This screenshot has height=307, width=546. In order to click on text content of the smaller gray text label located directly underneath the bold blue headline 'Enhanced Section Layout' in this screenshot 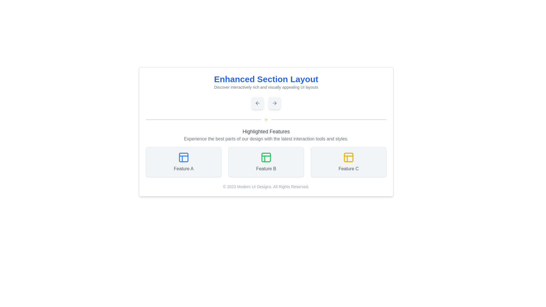, I will do `click(266, 87)`.